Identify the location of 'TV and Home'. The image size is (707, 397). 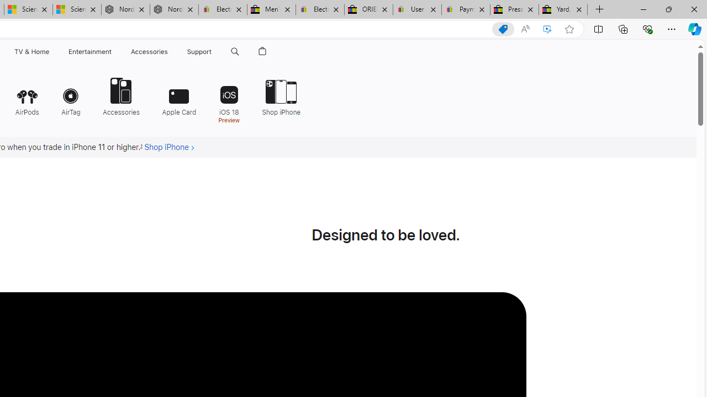
(31, 51).